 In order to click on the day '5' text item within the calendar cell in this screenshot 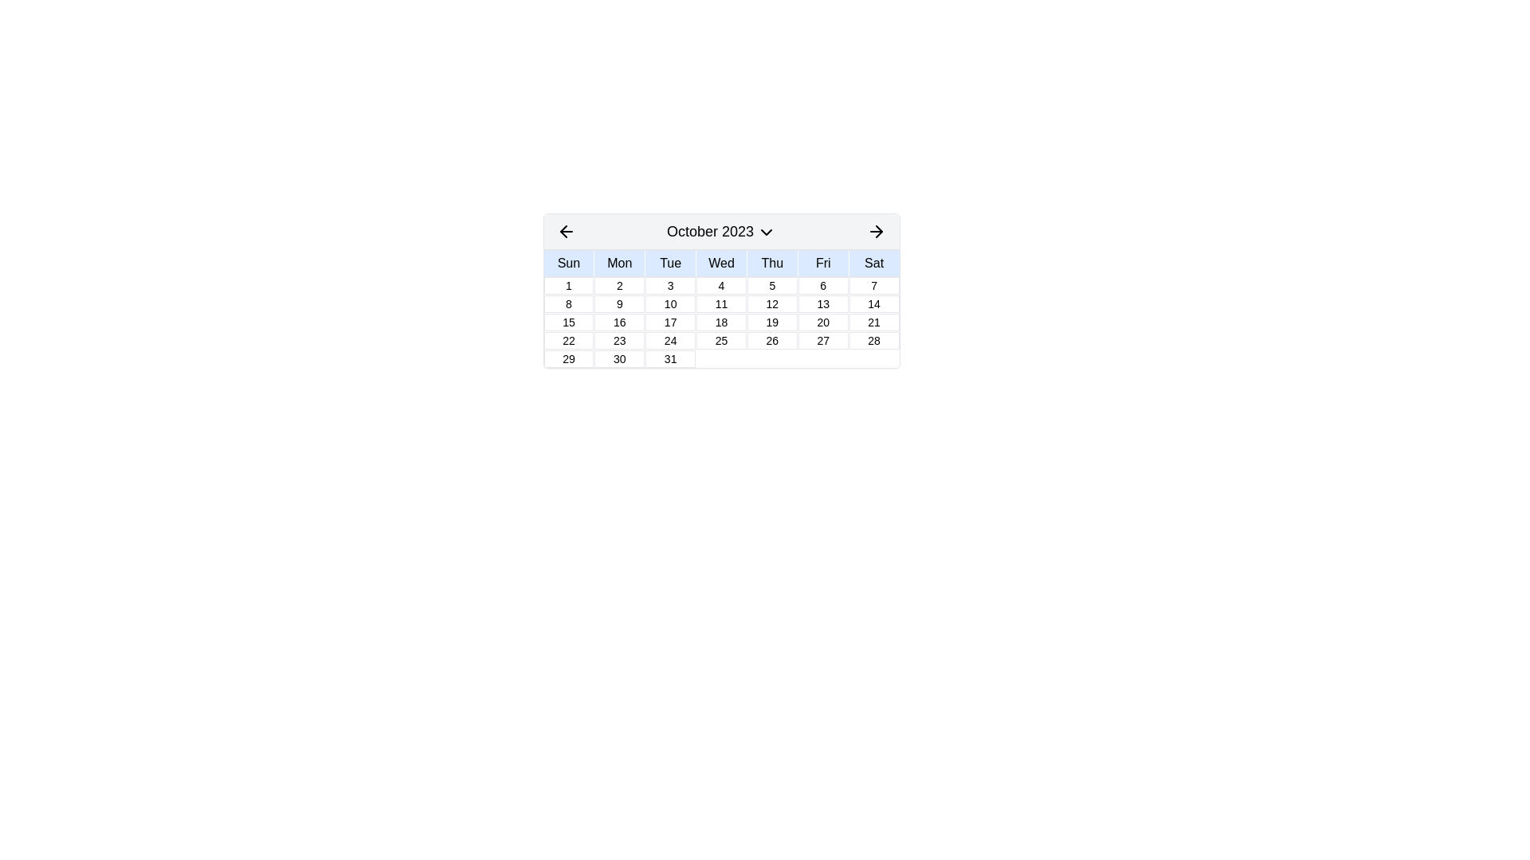, I will do `click(772, 284)`.